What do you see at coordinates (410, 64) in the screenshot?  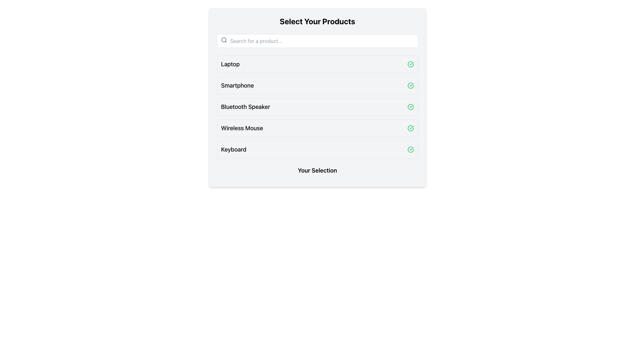 I see `the icon that signifies the selection of the 'Laptop' item in the list, located at the far right side of the row labeled 'Laptop'` at bounding box center [410, 64].